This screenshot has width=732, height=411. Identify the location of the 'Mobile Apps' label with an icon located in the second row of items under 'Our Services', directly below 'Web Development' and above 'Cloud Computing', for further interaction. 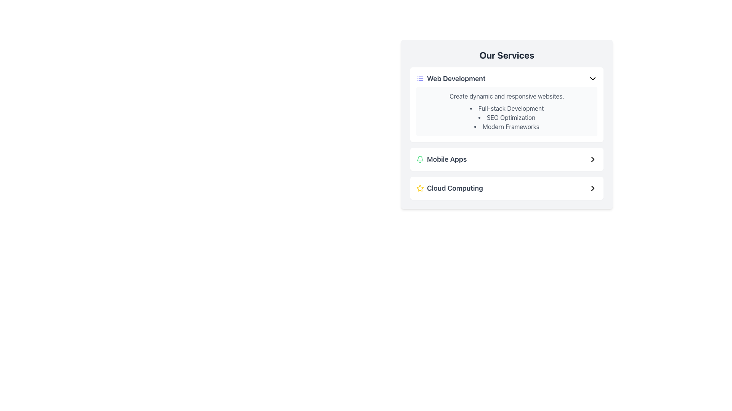
(441, 159).